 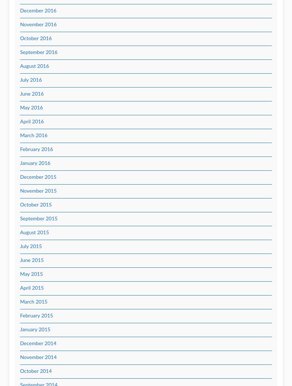 What do you see at coordinates (32, 288) in the screenshot?
I see `'April 2015'` at bounding box center [32, 288].